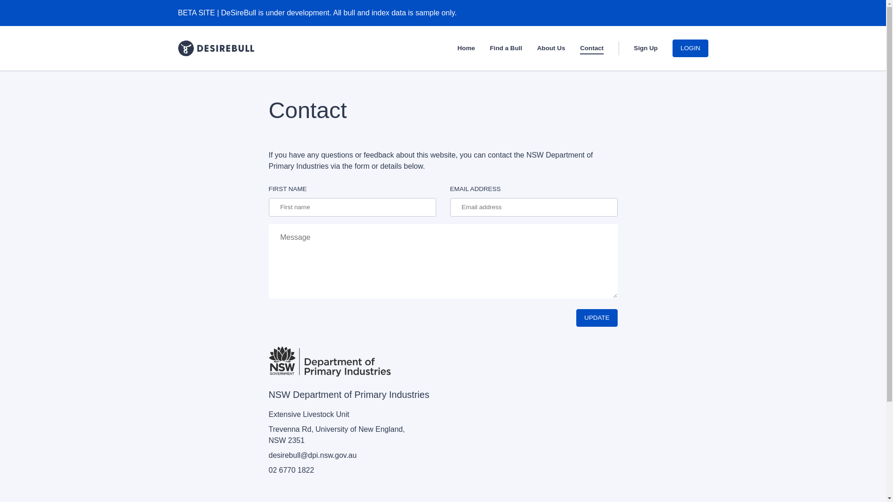 The width and height of the screenshot is (893, 502). Describe the element at coordinates (645, 49) in the screenshot. I see `'Sign Up'` at that location.